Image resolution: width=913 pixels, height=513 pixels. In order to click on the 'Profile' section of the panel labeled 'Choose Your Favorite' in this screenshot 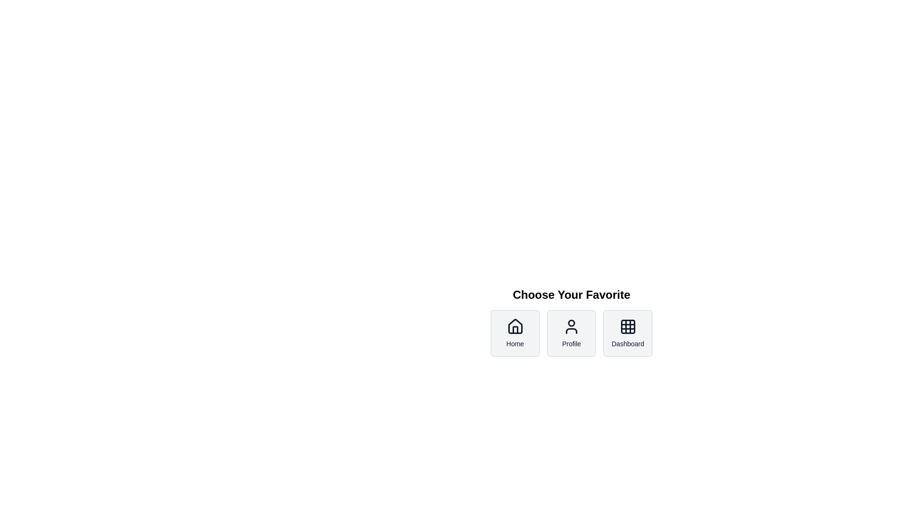, I will do `click(571, 343)`.